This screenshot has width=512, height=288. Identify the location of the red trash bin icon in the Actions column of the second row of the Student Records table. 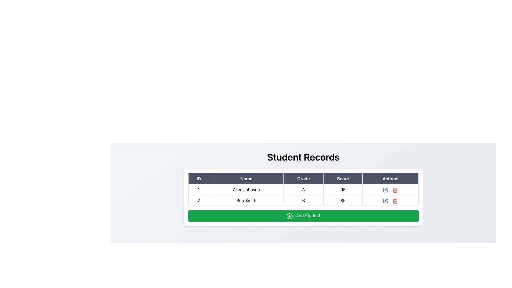
(395, 201).